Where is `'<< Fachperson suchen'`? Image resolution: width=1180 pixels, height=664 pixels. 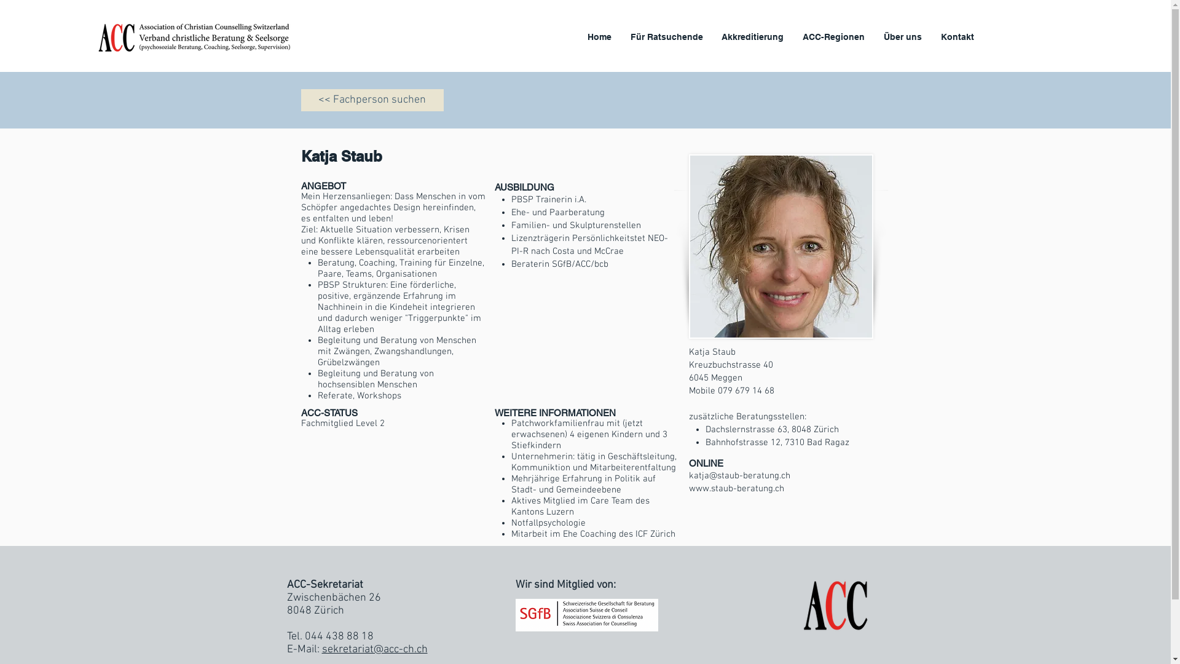 '<< Fachperson suchen' is located at coordinates (371, 99).